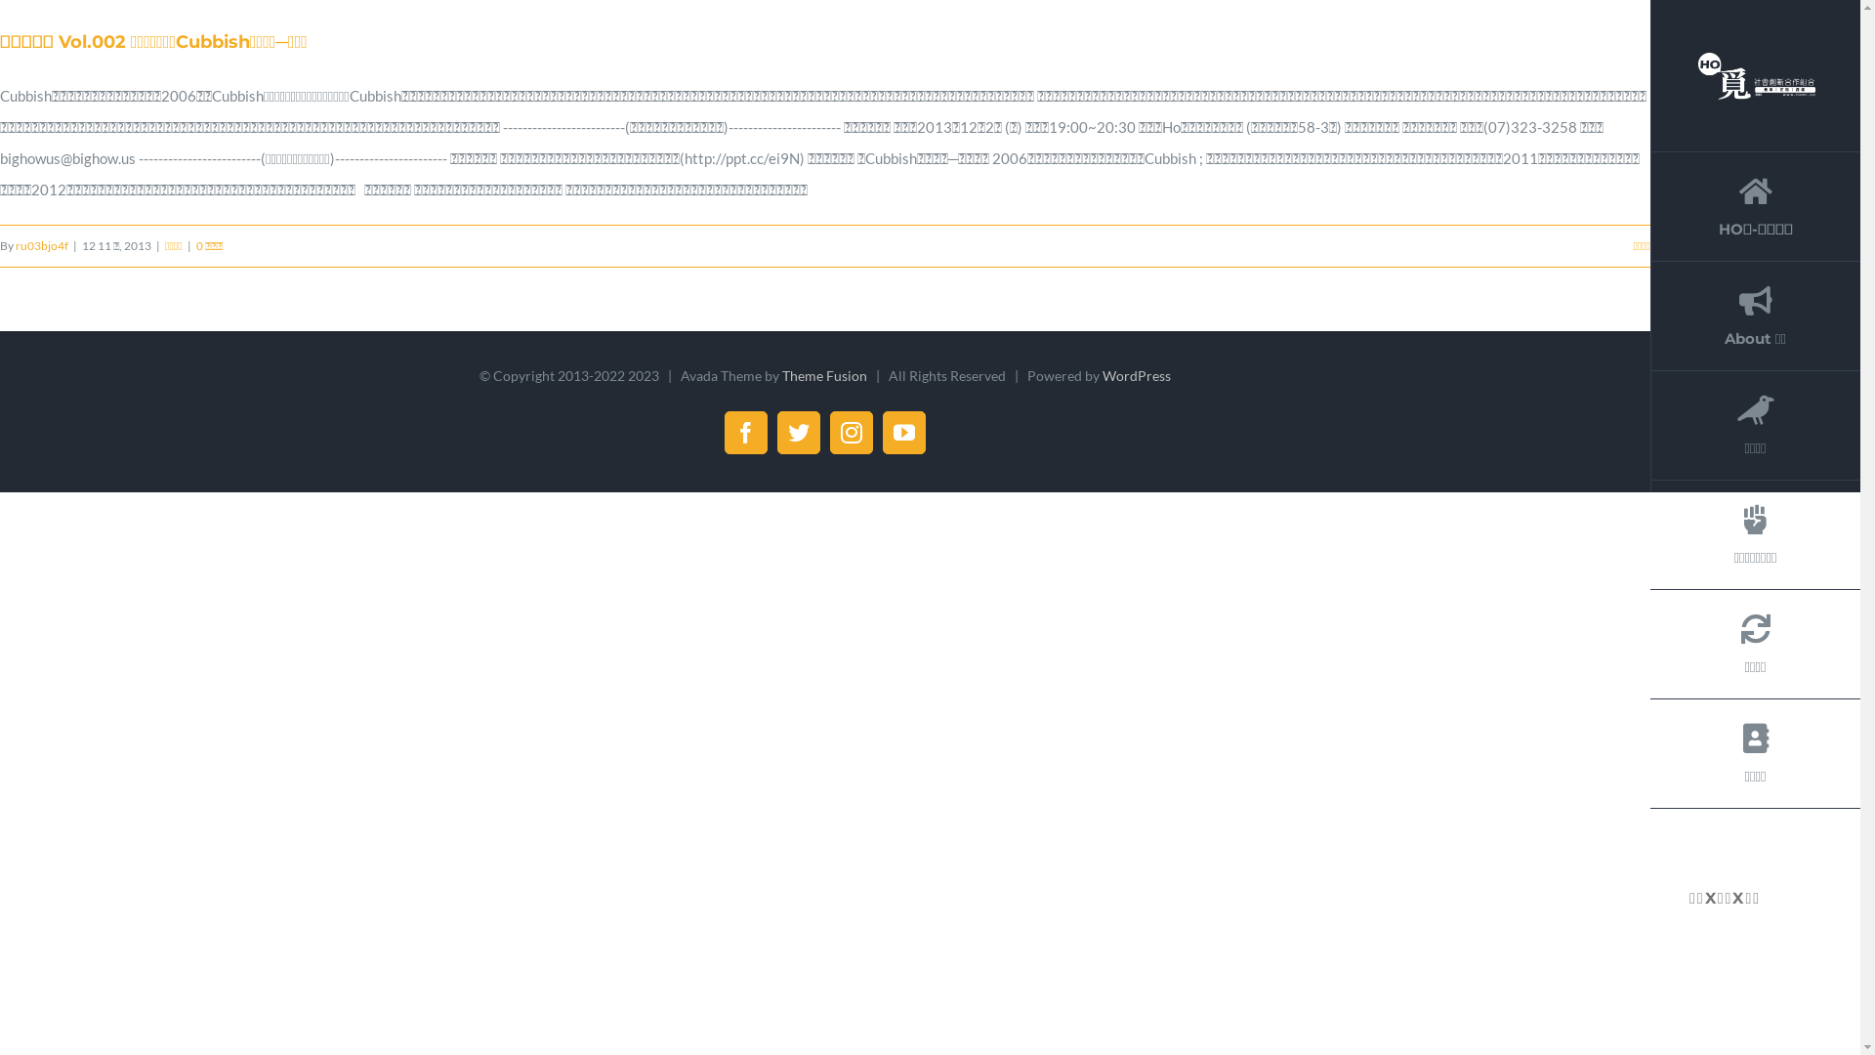  Describe the element at coordinates (782, 375) in the screenshot. I see `'Theme Fusion'` at that location.